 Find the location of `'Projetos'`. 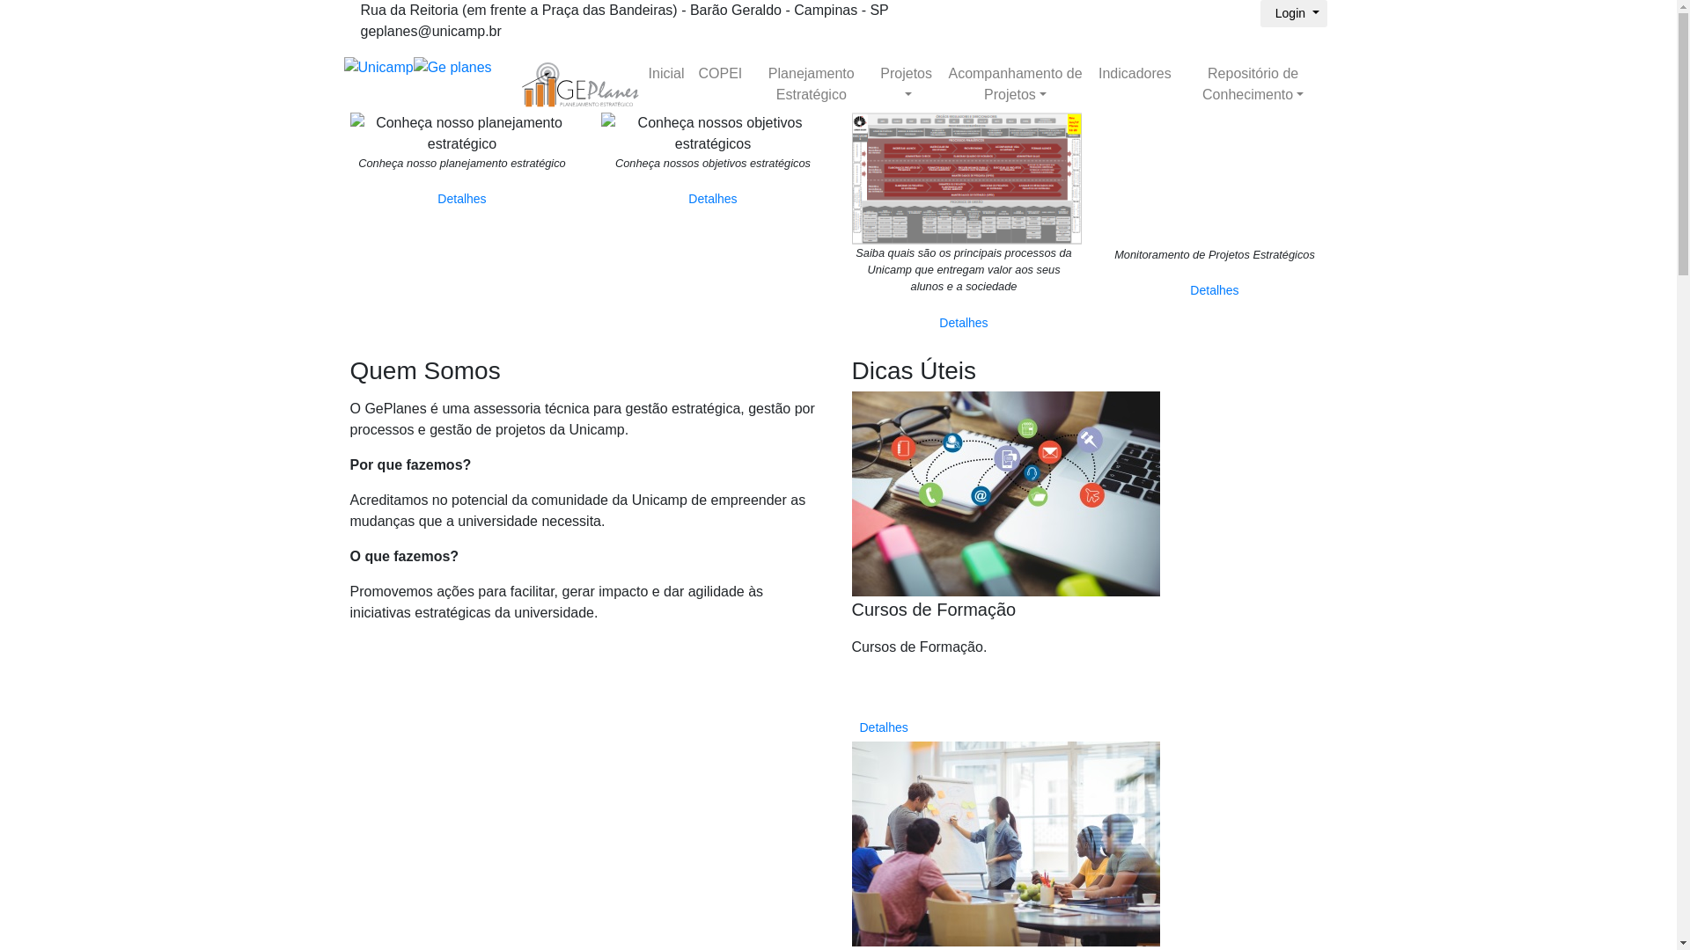

'Projetos' is located at coordinates (906, 84).